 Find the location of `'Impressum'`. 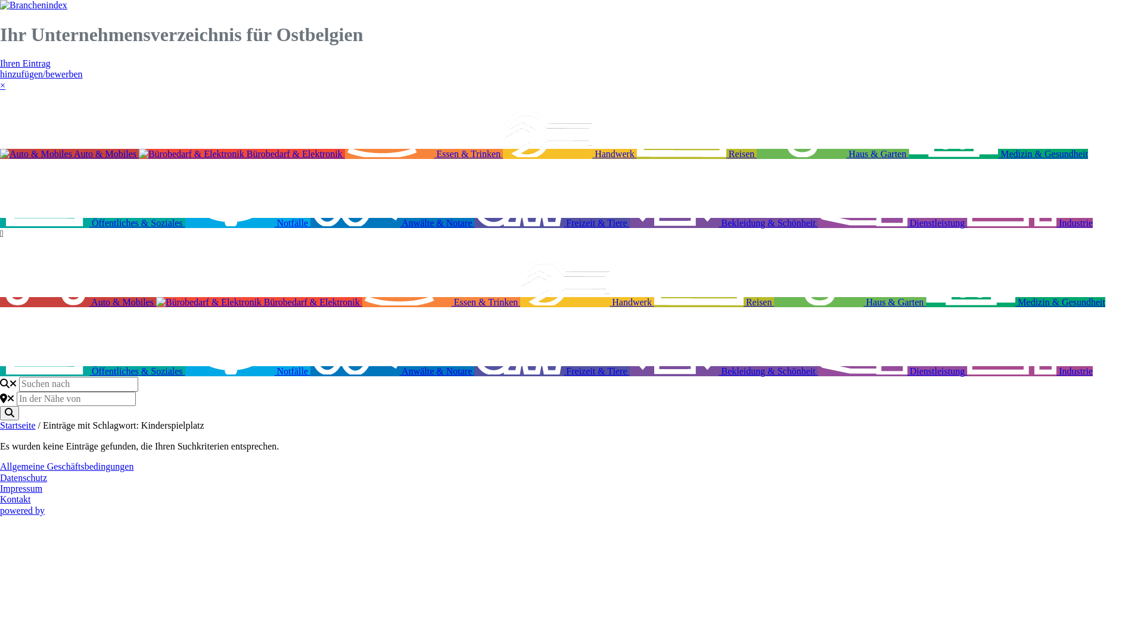

'Impressum' is located at coordinates (21, 488).